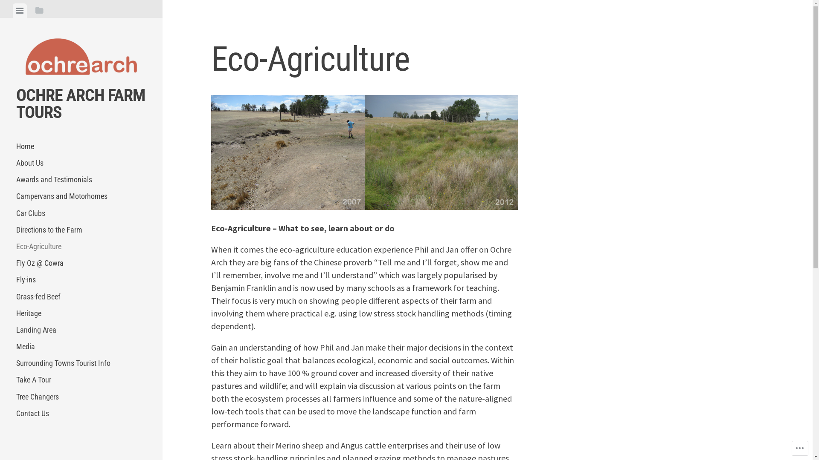 The width and height of the screenshot is (819, 460). Describe the element at coordinates (16, 196) in the screenshot. I see `'Campervans and Motorhomes'` at that location.